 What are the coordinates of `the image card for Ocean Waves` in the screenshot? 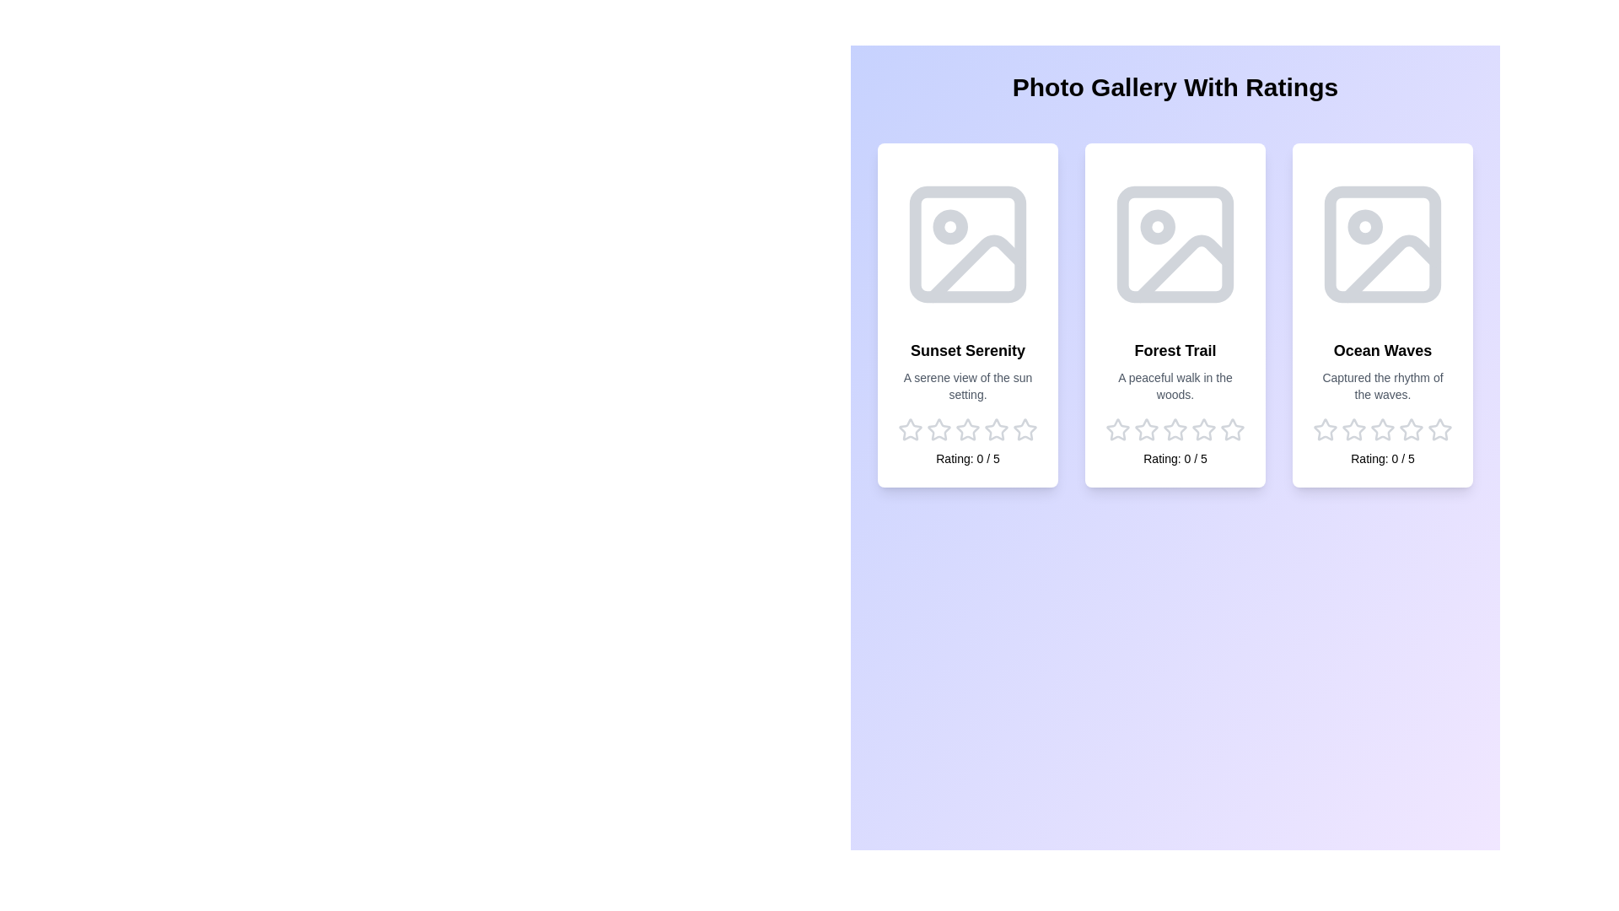 It's located at (1383, 315).